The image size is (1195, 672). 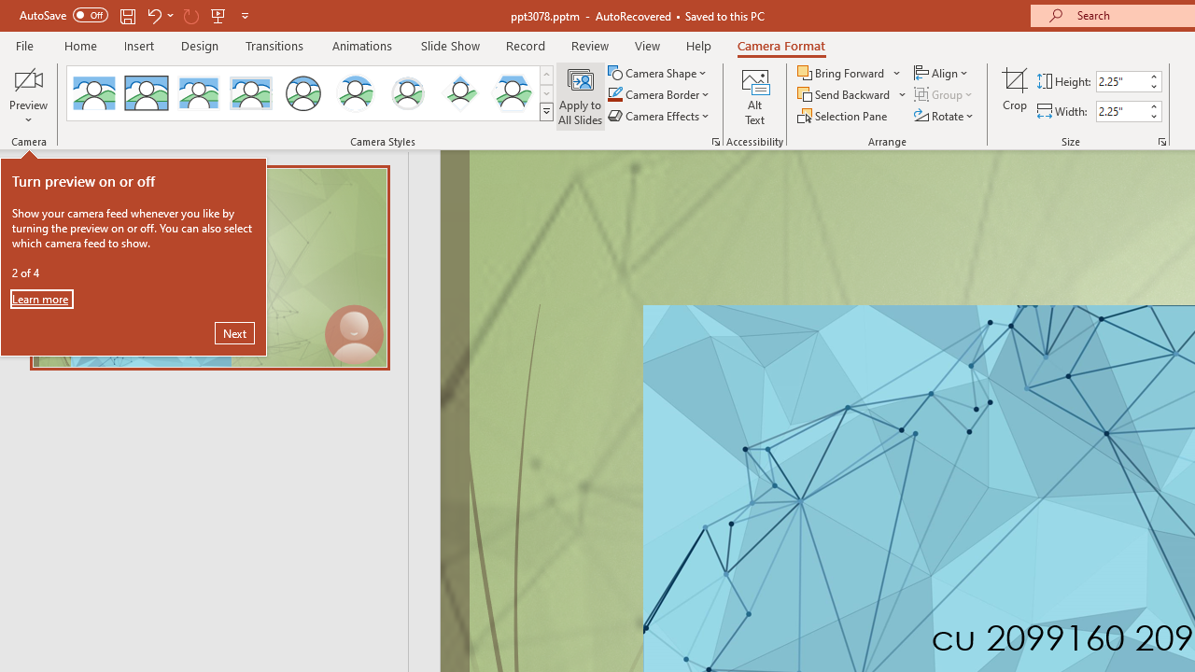 What do you see at coordinates (781, 45) in the screenshot?
I see `'Camera Format'` at bounding box center [781, 45].